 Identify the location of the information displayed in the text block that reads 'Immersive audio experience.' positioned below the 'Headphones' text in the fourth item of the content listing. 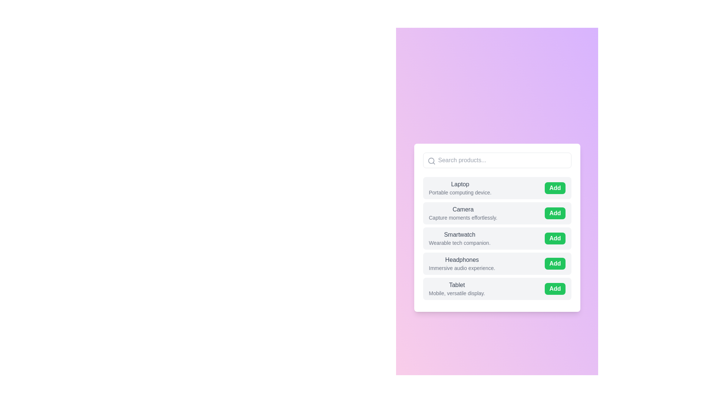
(462, 268).